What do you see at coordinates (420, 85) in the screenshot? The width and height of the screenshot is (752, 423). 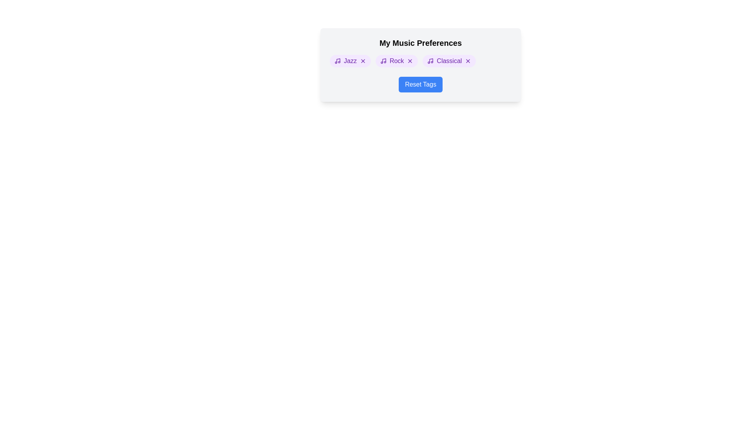 I see `the element Reset Tags Button to see its hover effect` at bounding box center [420, 85].